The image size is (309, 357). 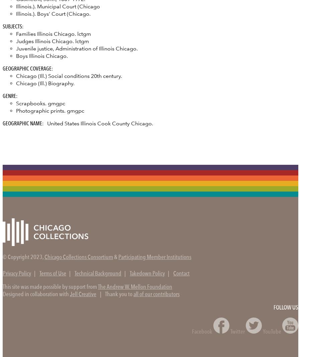 I want to click on 'Photographic prints. gmgpc', so click(x=50, y=110).